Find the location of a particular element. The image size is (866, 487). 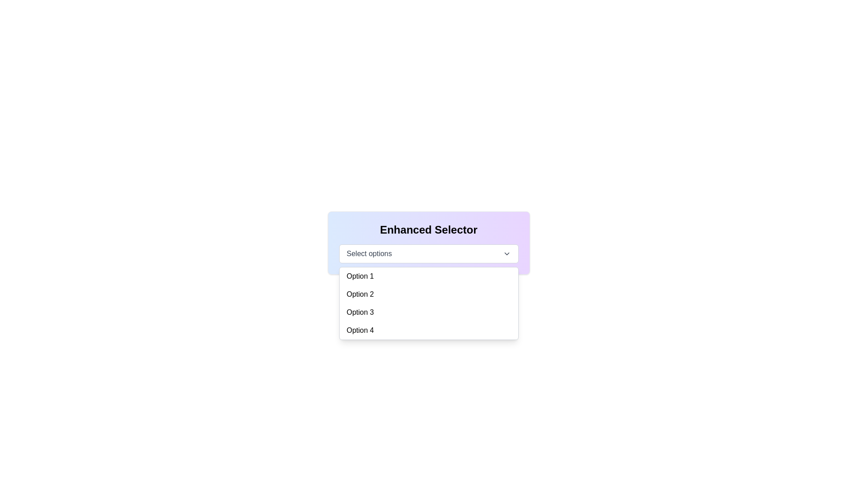

the second option in the dropdown menu titled 'Enhanced Selector' to activate its hover style is located at coordinates (428, 294).